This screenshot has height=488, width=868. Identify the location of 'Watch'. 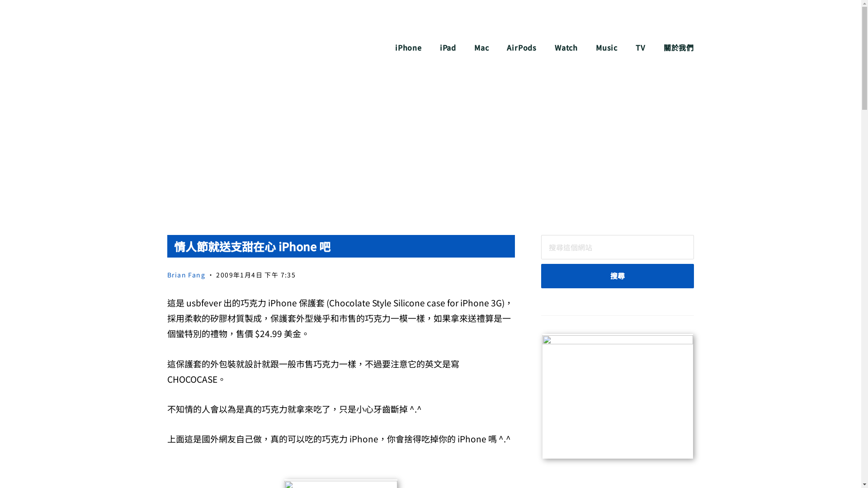
(566, 47).